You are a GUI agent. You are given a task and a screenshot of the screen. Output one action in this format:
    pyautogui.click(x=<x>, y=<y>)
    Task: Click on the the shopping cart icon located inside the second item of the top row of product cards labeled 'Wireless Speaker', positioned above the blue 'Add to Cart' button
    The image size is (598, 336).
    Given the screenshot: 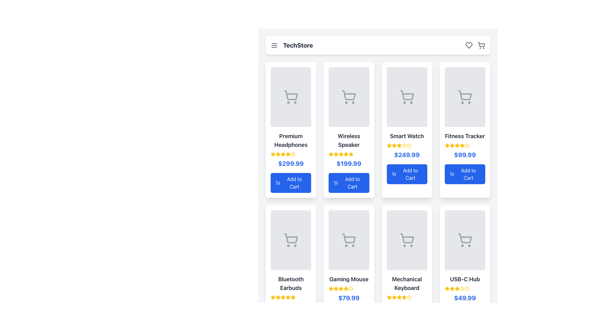 What is the action you would take?
    pyautogui.click(x=349, y=97)
    